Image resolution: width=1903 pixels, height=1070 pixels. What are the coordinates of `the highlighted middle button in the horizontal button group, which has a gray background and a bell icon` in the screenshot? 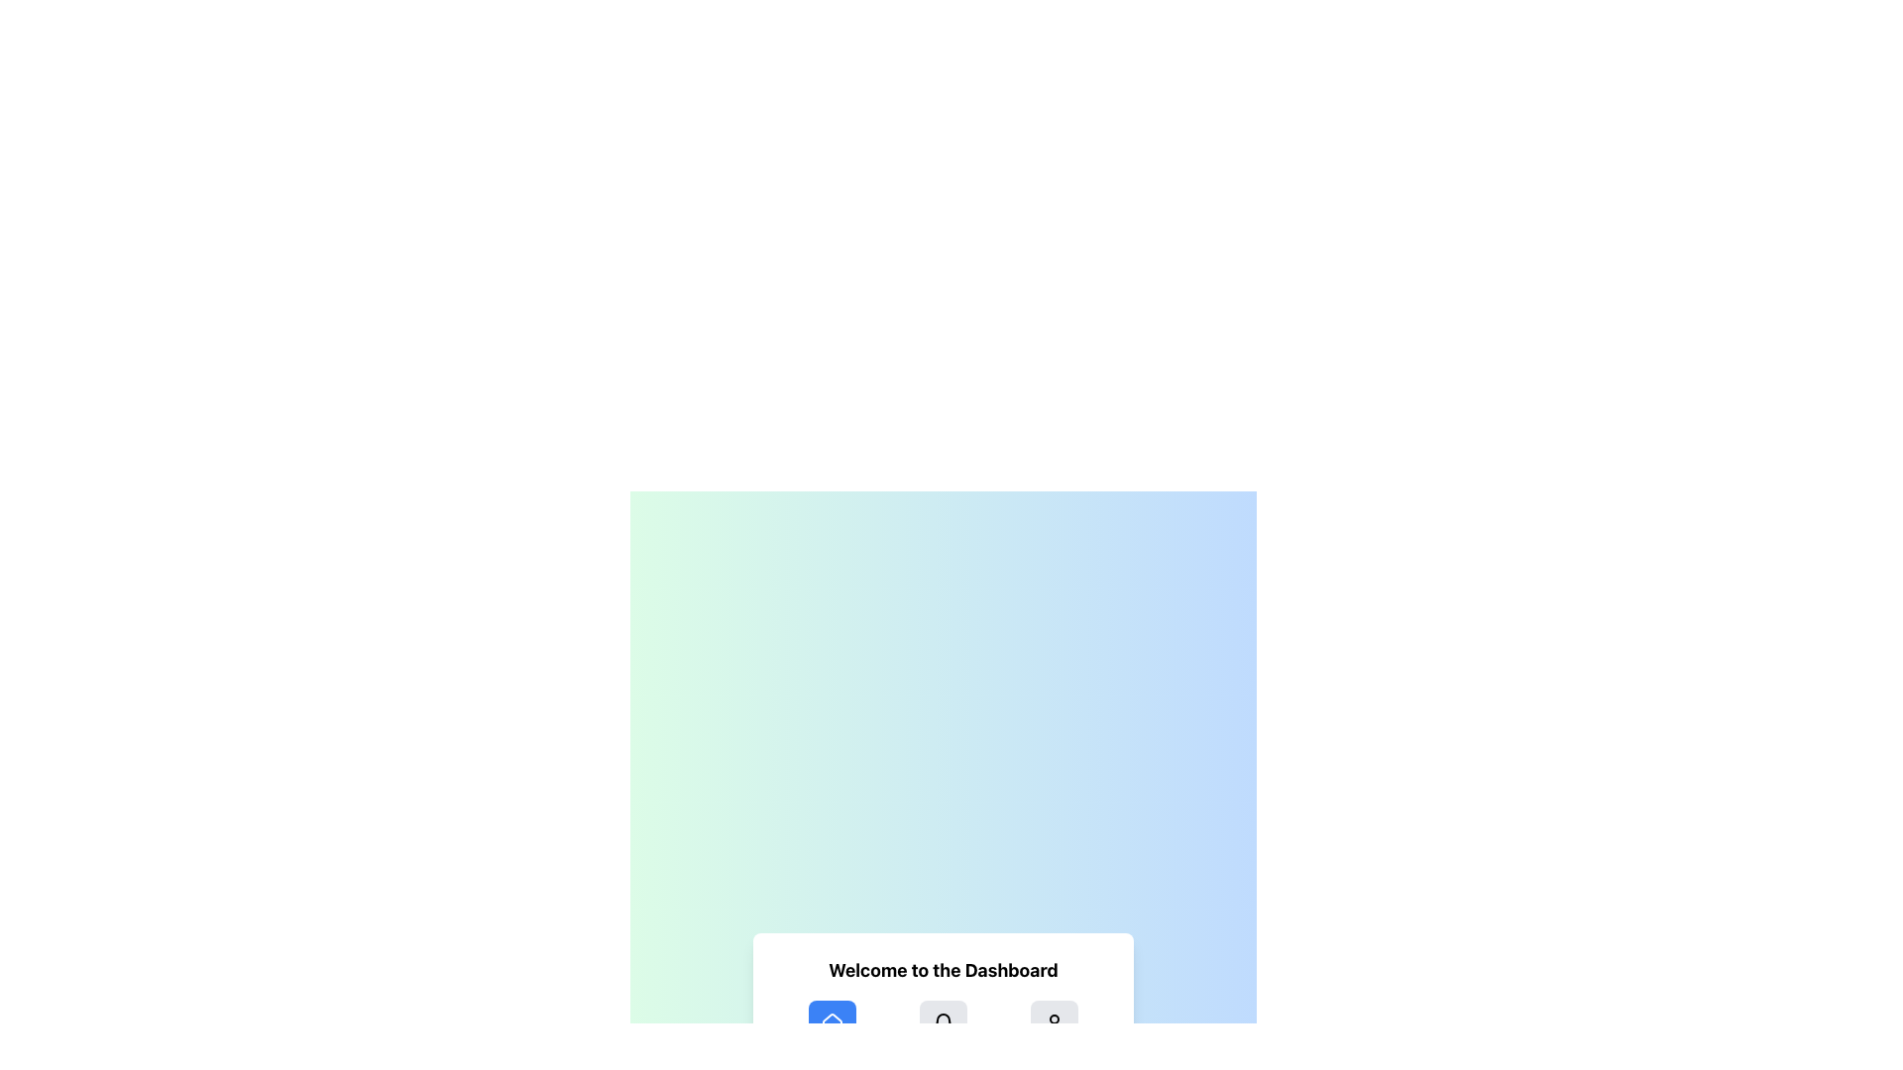 It's located at (942, 1023).